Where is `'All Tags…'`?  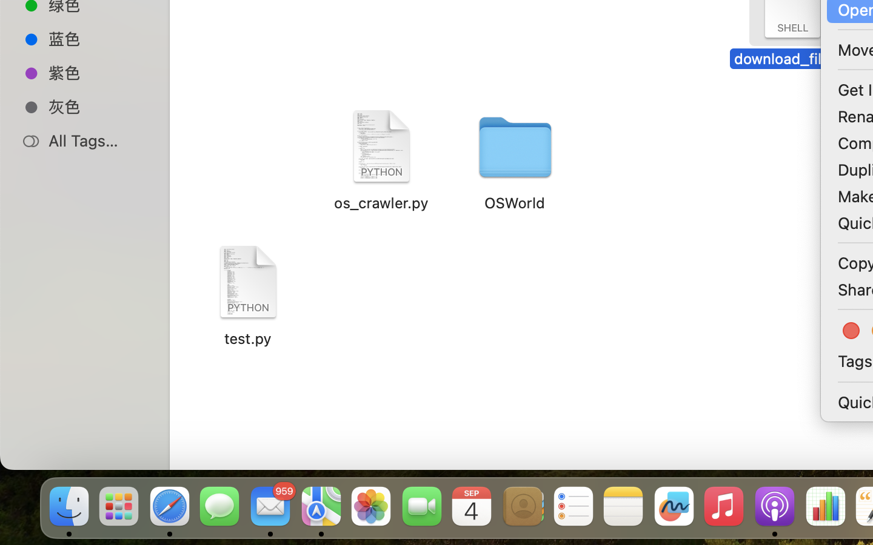 'All Tags…' is located at coordinates (96, 140).